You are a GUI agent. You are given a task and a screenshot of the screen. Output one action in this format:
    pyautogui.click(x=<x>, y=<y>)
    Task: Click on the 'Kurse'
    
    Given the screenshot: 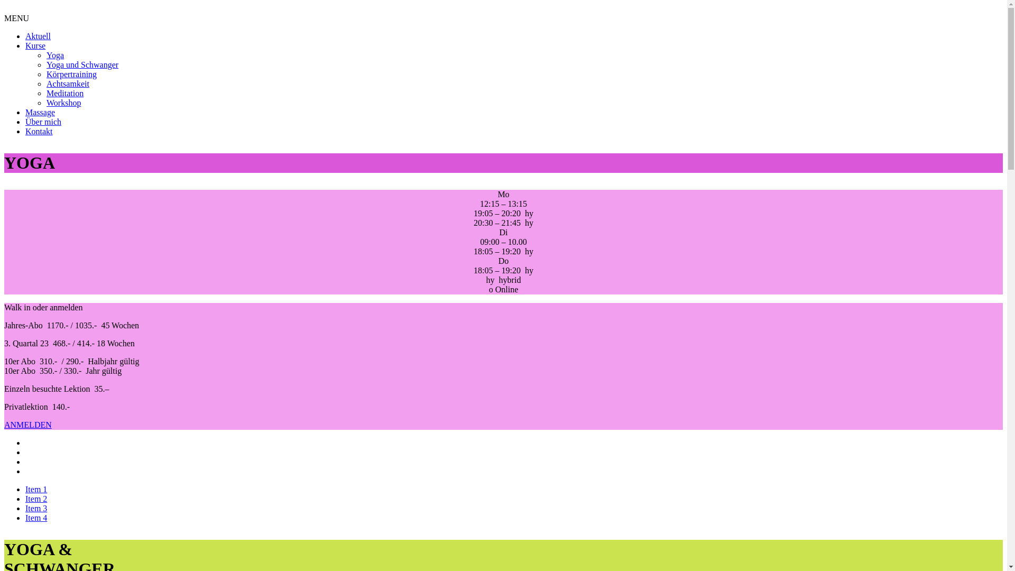 What is the action you would take?
    pyautogui.click(x=35, y=45)
    